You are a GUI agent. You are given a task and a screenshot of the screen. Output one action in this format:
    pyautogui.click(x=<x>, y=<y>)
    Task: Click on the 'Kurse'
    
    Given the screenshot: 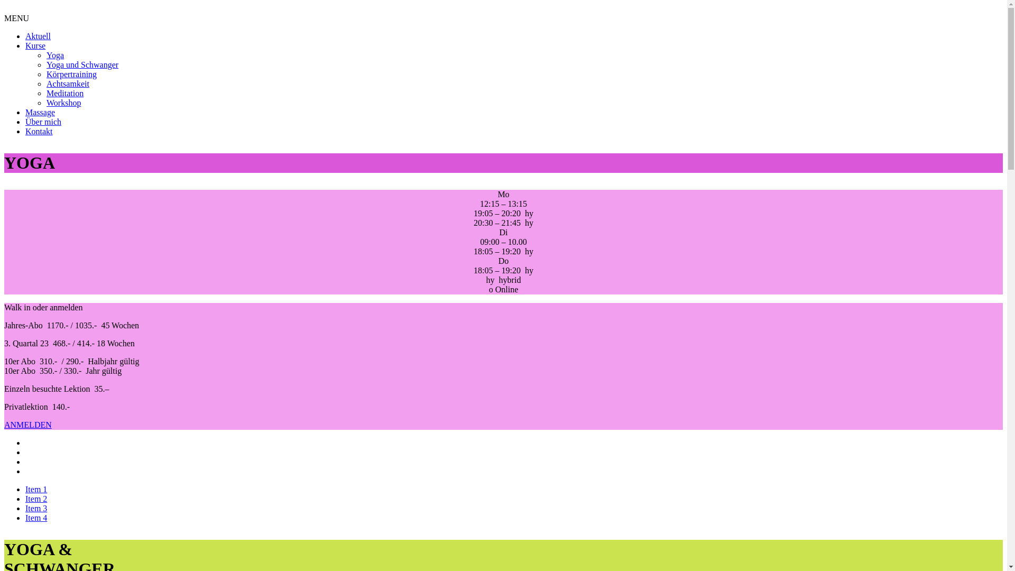 What is the action you would take?
    pyautogui.click(x=35, y=45)
    